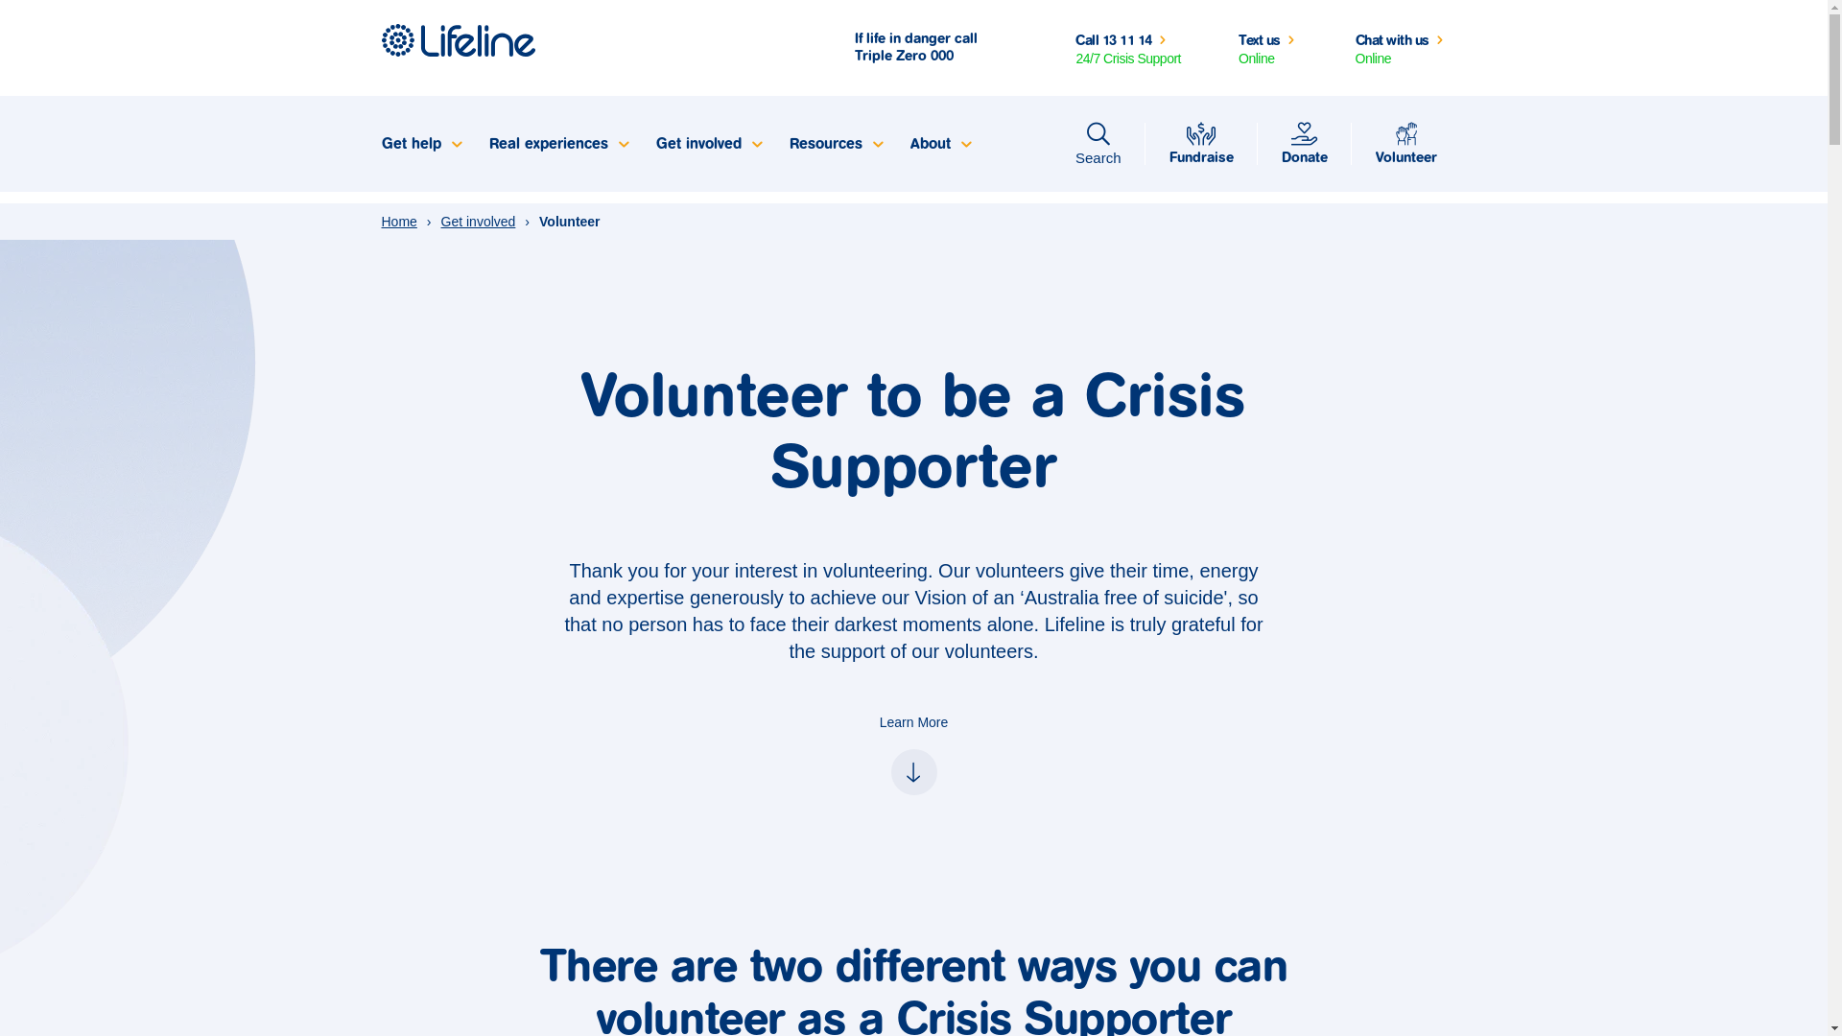 The image size is (1842, 1036). I want to click on 'Search', so click(1098, 143).